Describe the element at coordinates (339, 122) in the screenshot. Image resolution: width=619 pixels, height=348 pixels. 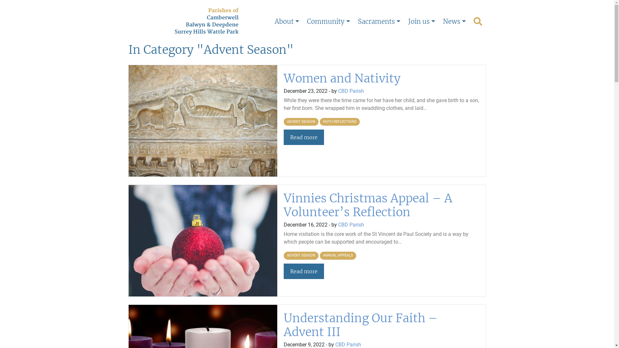
I see `'FAITH REFLECTIONS'` at that location.